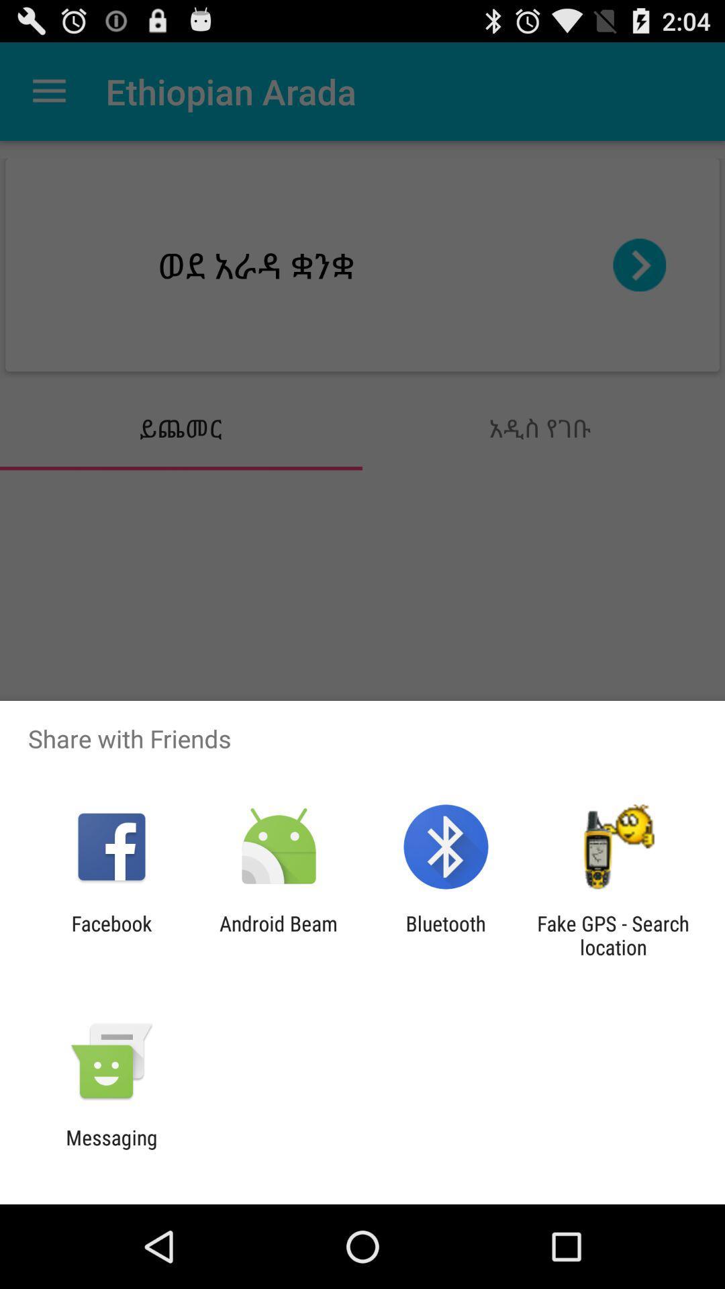  What do you see at coordinates (278, 935) in the screenshot?
I see `app next to the bluetooth` at bounding box center [278, 935].